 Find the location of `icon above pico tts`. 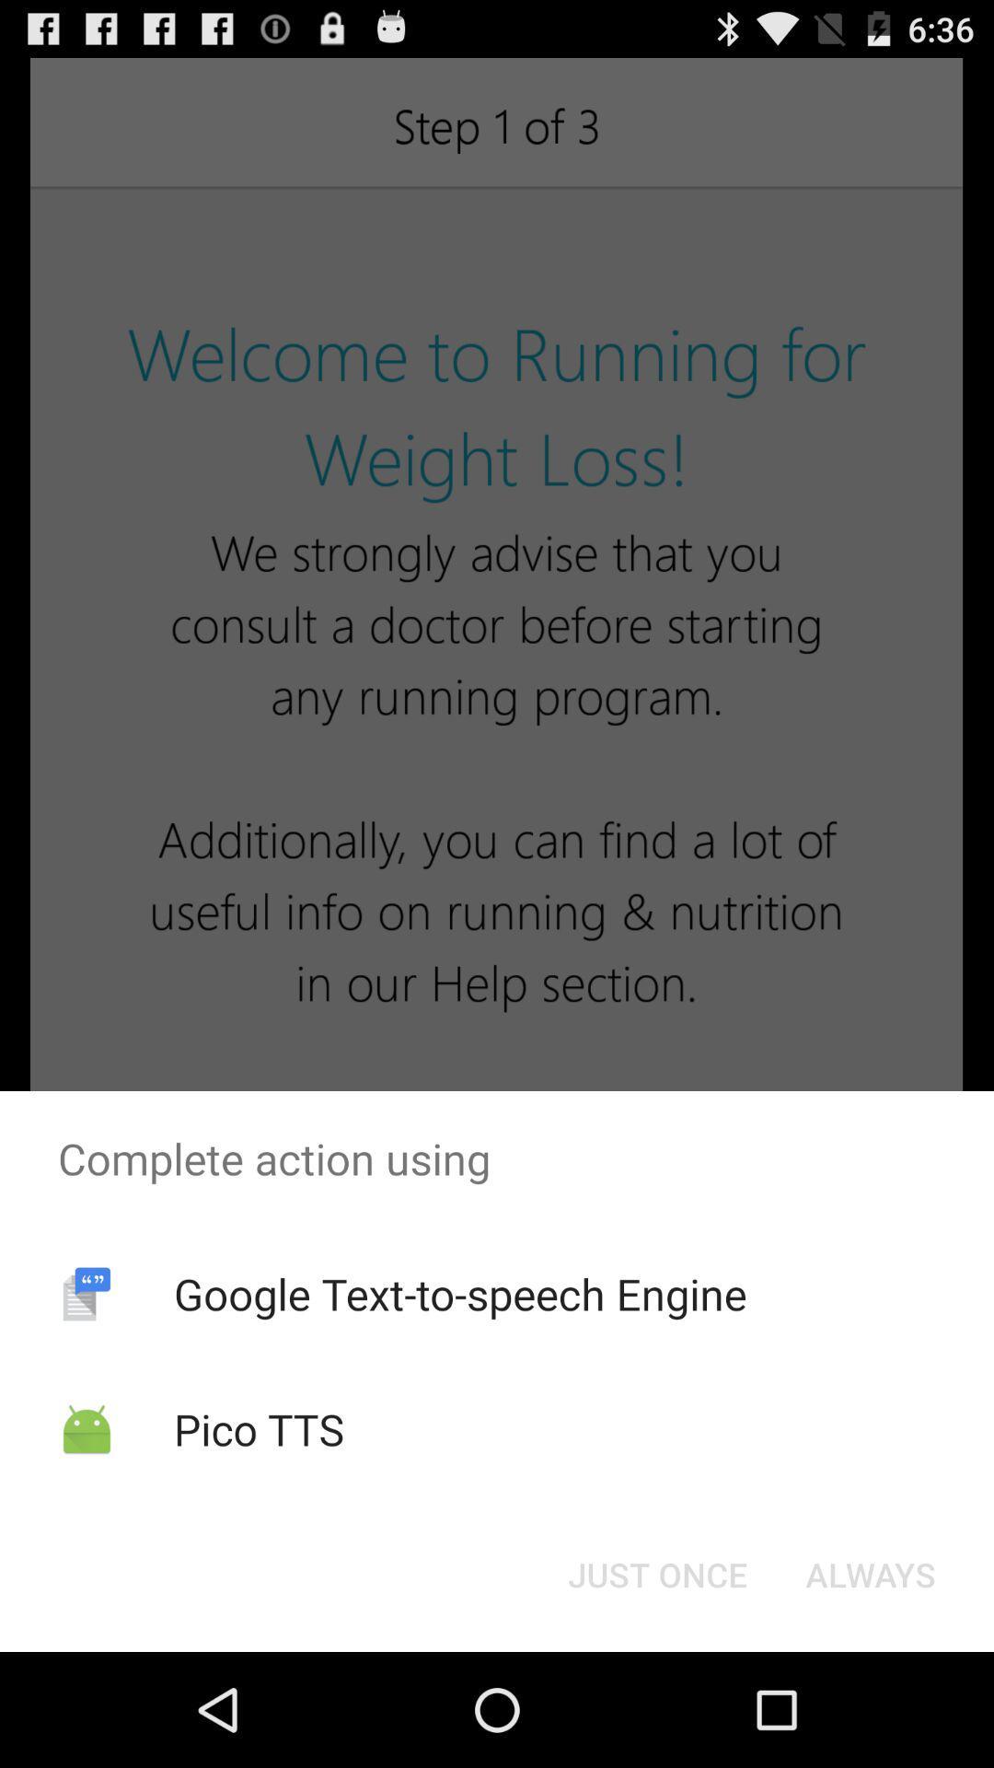

icon above pico tts is located at coordinates (459, 1293).